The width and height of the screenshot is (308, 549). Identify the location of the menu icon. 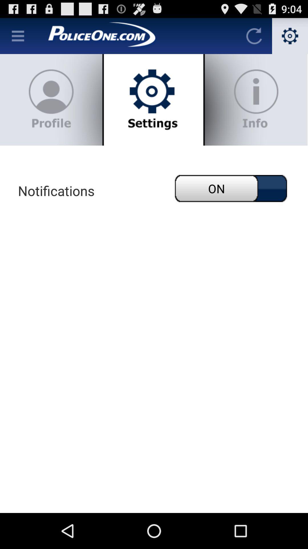
(17, 38).